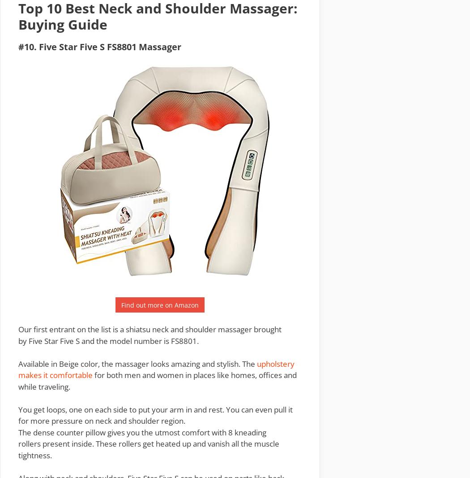  I want to click on 'in places like homes, offices and while traveling.', so click(157, 380).